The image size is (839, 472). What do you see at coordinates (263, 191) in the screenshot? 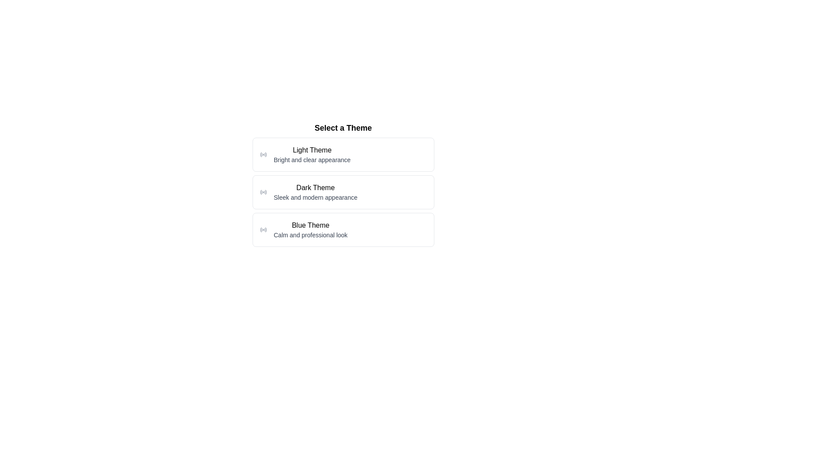
I see `the radio button styled icon associated with the 'Dark Theme' option in the theme selection UI` at bounding box center [263, 191].